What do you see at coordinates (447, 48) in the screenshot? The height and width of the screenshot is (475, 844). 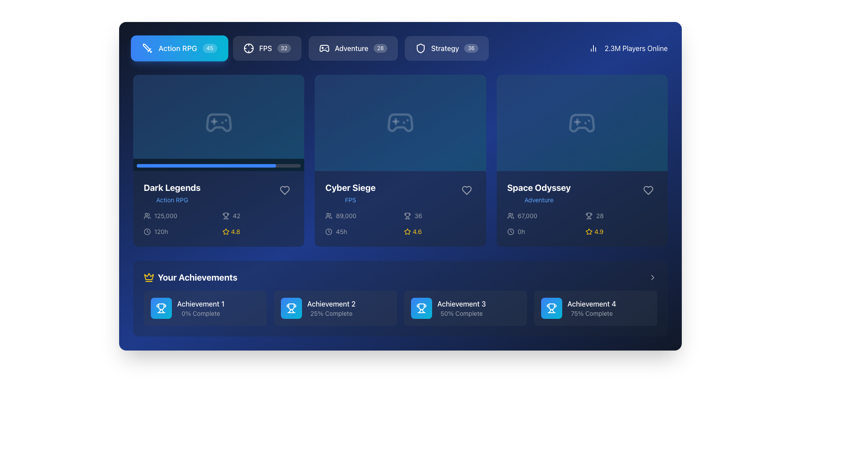 I see `the filter button for the 'Strategy' category located in the top navigation bar to change its background shade` at bounding box center [447, 48].